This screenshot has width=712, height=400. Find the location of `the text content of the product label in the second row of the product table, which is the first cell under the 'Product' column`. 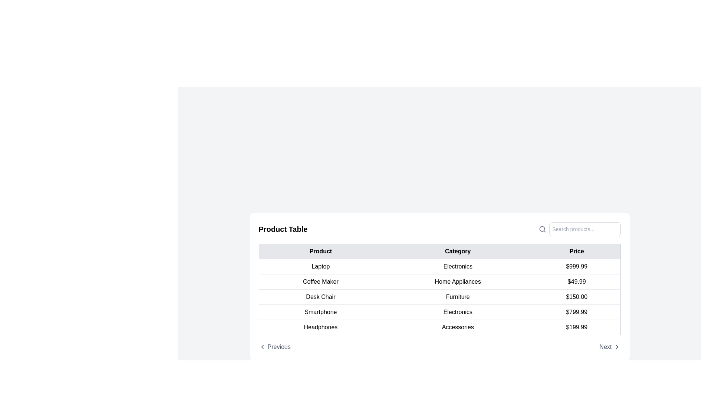

the text content of the product label in the second row of the product table, which is the first cell under the 'Product' column is located at coordinates (320, 281).